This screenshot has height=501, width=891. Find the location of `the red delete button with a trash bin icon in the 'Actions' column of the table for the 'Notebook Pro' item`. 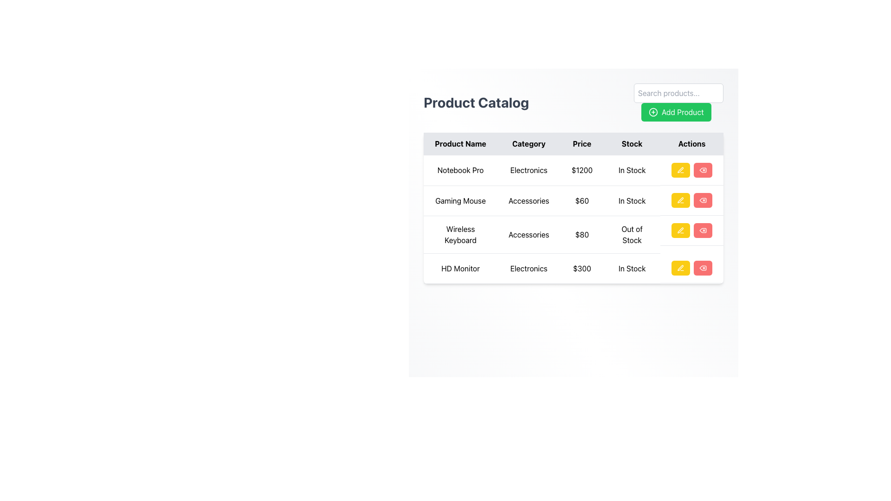

the red delete button with a trash bin icon in the 'Actions' column of the table for the 'Notebook Pro' item is located at coordinates (703, 170).